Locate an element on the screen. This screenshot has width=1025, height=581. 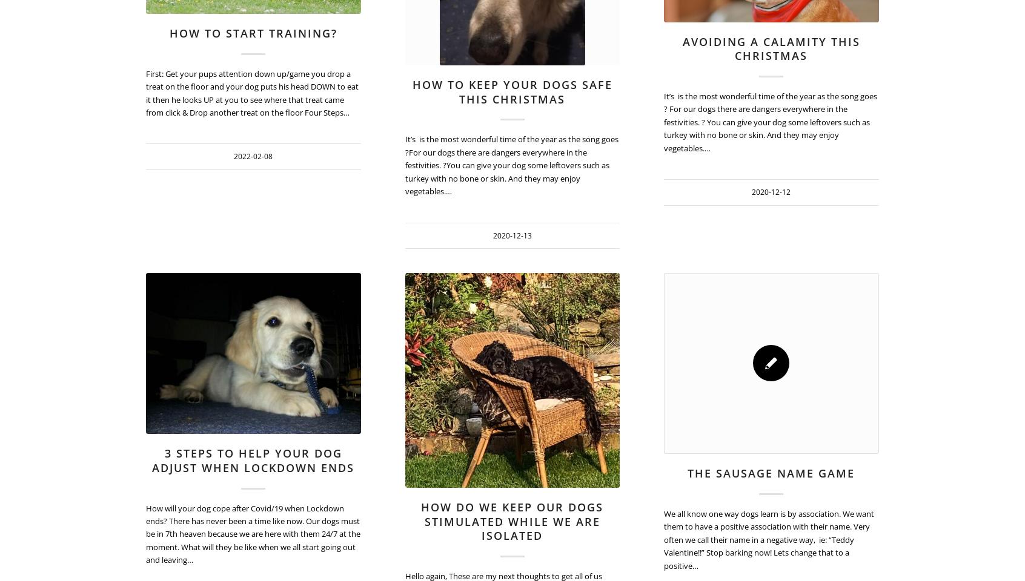
'How to start training?' is located at coordinates (253, 32).